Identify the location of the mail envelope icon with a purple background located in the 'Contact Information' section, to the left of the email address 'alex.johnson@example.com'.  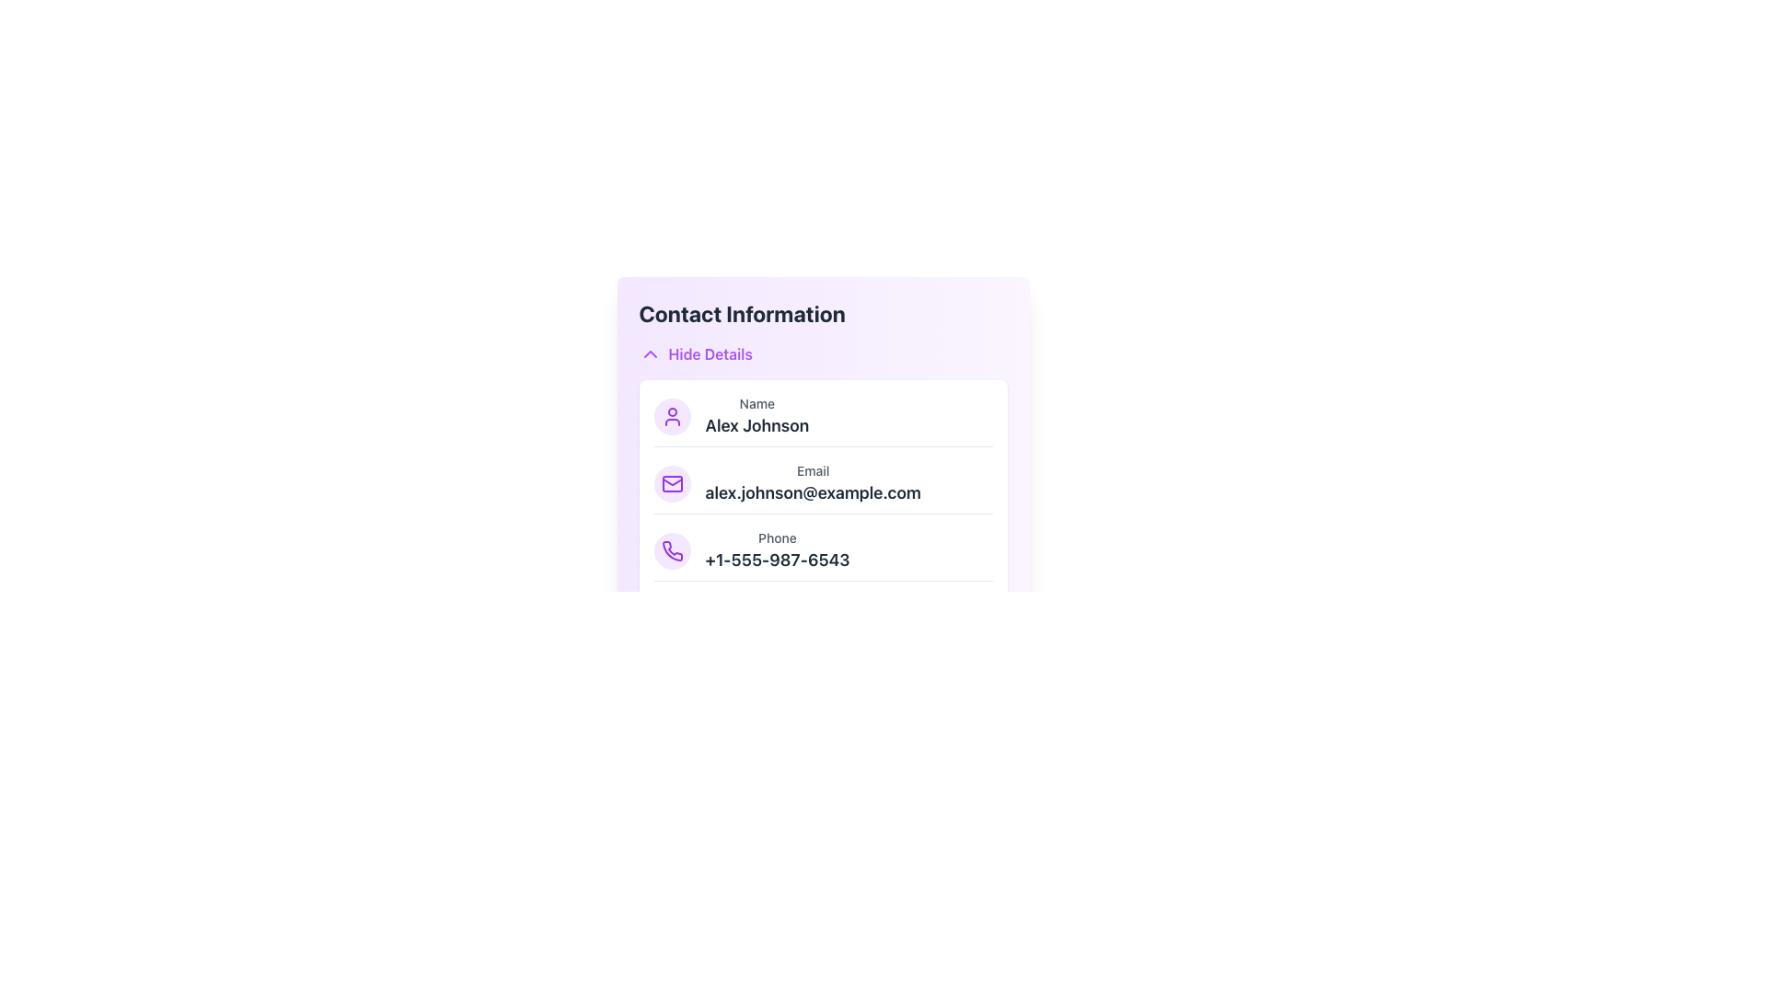
(671, 482).